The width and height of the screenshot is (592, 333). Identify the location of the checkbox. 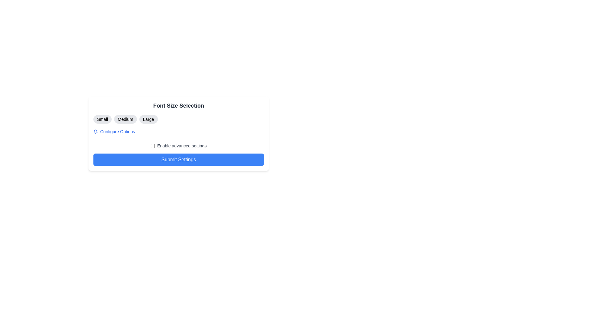
(153, 146).